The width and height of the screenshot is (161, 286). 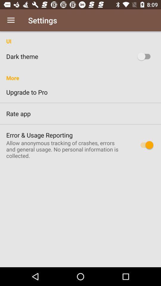 I want to click on rate app, so click(x=80, y=113).